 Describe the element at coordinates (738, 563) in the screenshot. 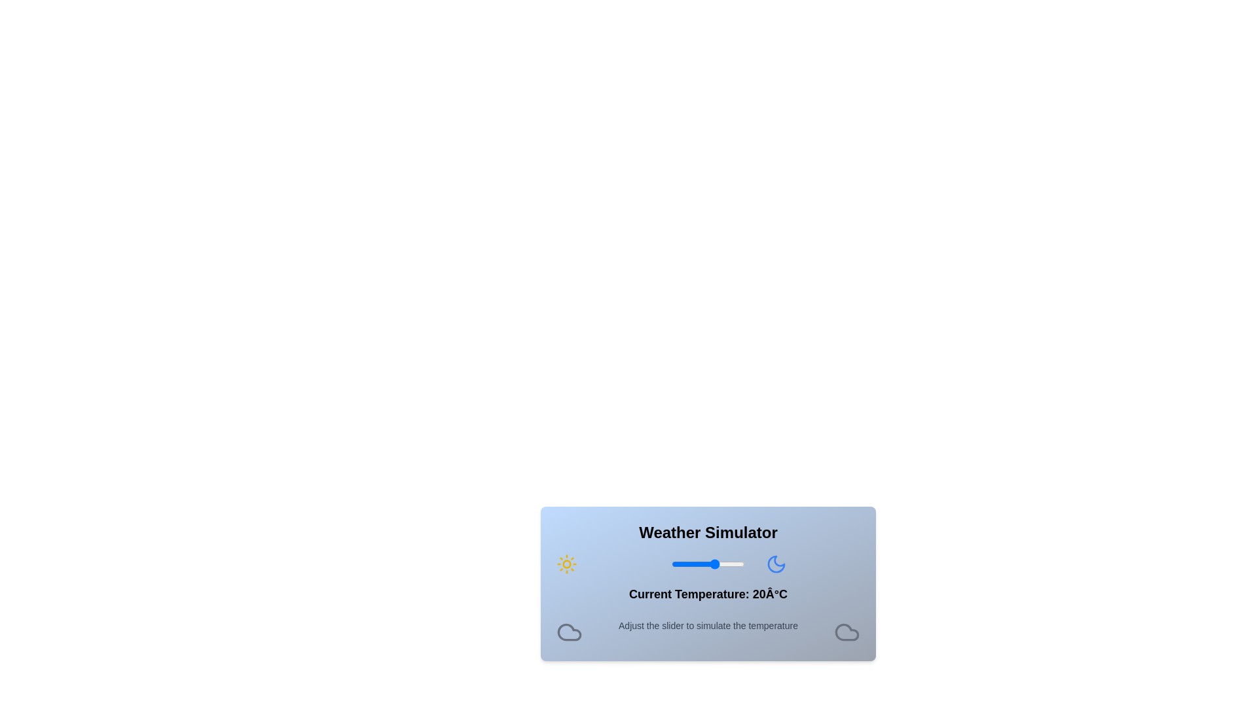

I see `the slider to set the temperature to 36°C` at that location.